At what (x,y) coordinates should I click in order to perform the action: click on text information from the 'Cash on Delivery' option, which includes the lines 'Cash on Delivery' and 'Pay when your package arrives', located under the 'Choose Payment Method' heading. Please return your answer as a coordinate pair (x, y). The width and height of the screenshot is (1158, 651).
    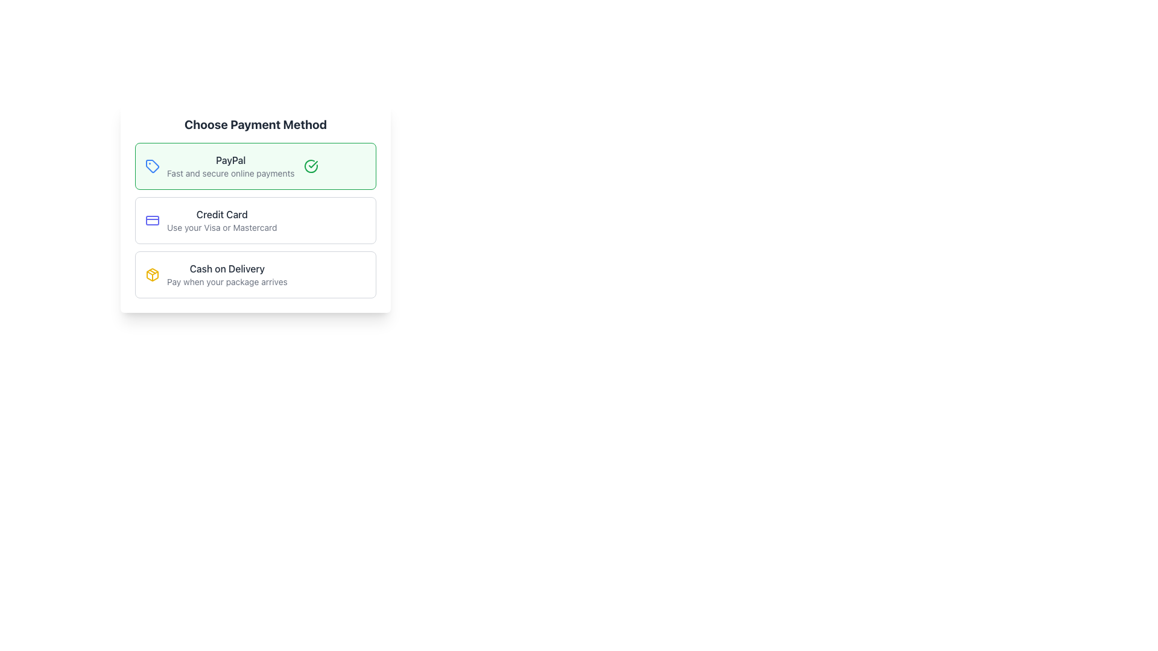
    Looking at the image, I should click on (227, 274).